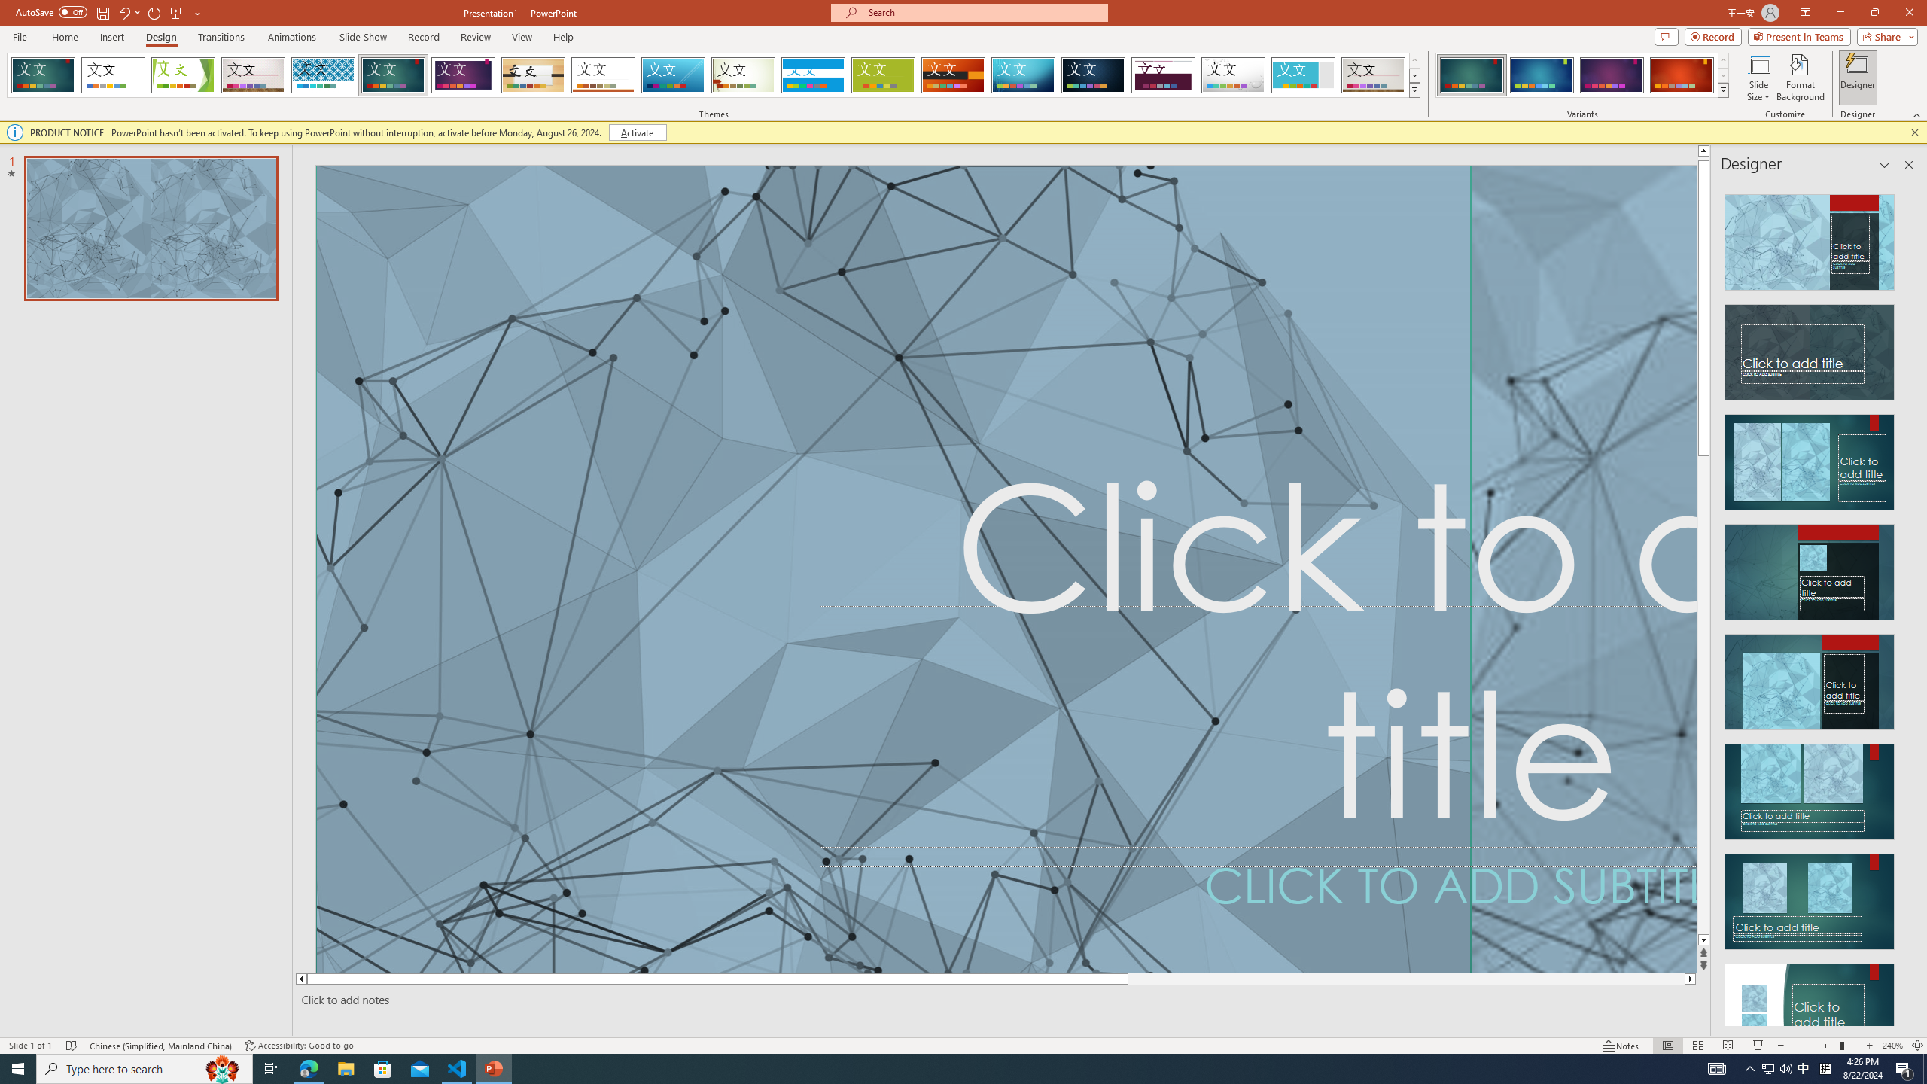 Image resolution: width=1927 pixels, height=1084 pixels. Describe the element at coordinates (1667, 1046) in the screenshot. I see `'Normal'` at that location.